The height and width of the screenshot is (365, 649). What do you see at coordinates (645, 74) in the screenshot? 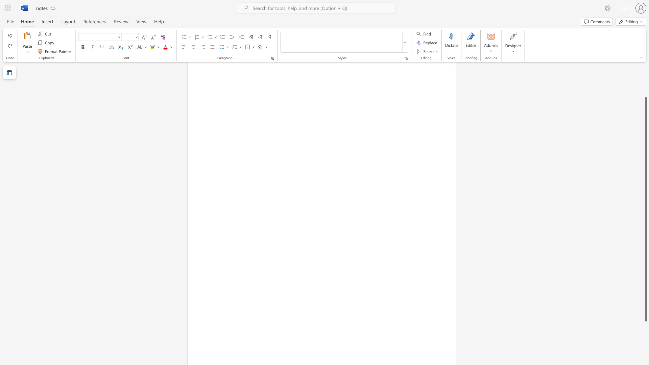
I see `the scrollbar to move the page upward` at bounding box center [645, 74].